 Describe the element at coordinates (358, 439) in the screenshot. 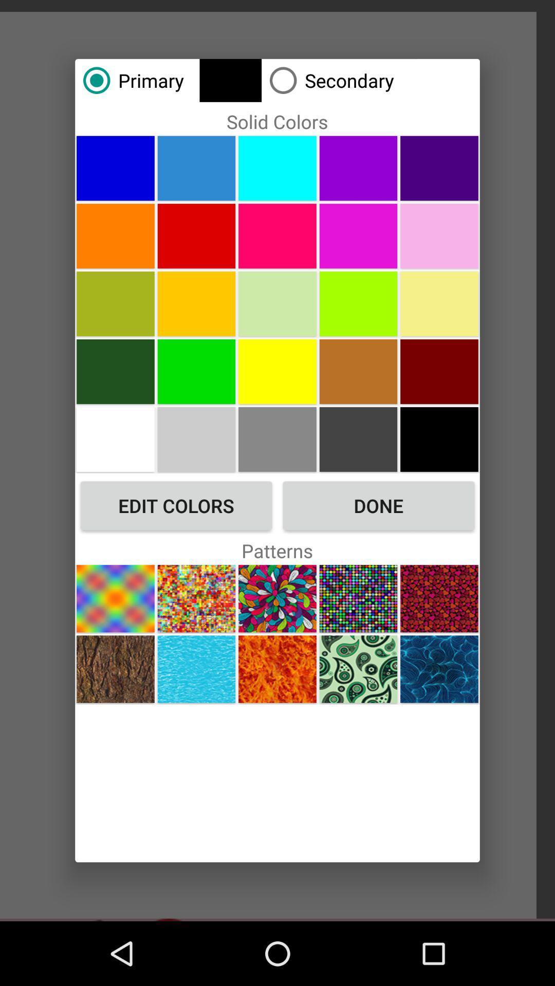

I see `picture` at that location.